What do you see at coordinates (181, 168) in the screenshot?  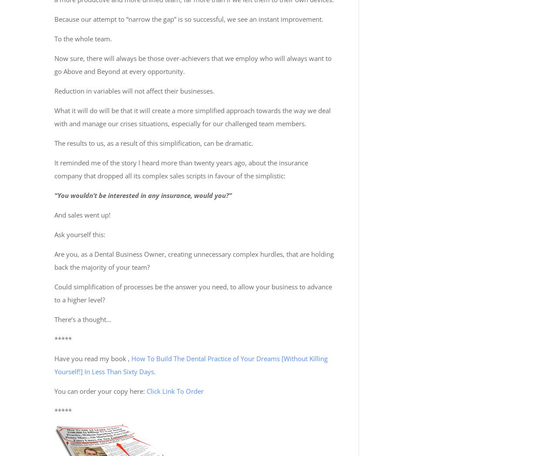 I see `'It reminded me of the story I heard more than twenty years ago, about the insurance company that dropped all its complex sales scripts in favour of the simplistic:'` at bounding box center [181, 168].